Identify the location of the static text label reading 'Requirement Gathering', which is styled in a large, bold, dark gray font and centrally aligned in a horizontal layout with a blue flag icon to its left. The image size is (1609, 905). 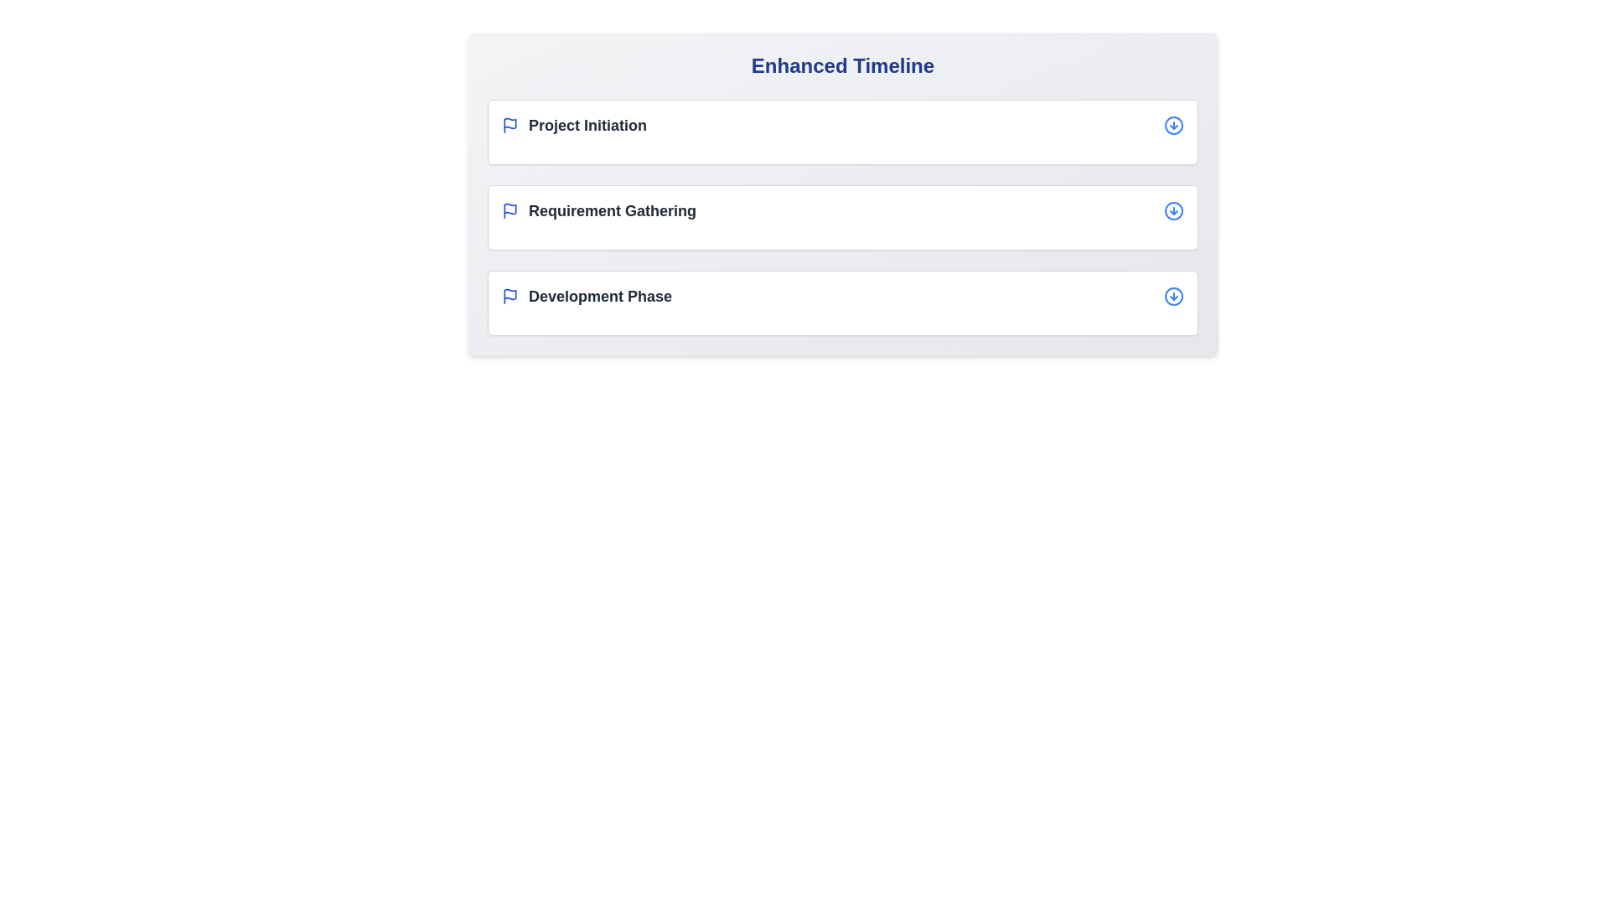
(611, 209).